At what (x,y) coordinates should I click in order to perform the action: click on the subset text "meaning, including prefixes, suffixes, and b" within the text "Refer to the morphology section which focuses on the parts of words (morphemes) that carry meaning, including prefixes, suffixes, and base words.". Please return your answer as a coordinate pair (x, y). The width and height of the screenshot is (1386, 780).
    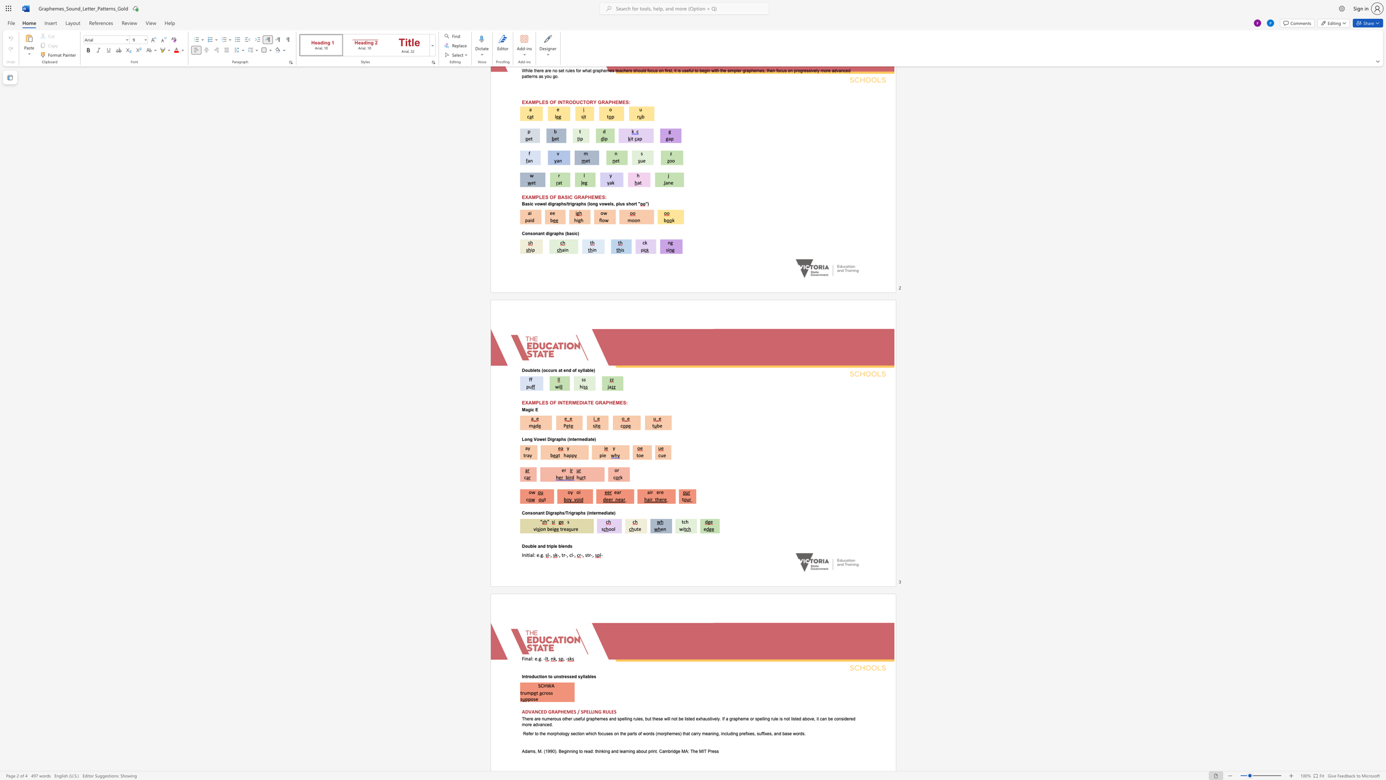
    Looking at the image, I should click on (702, 733).